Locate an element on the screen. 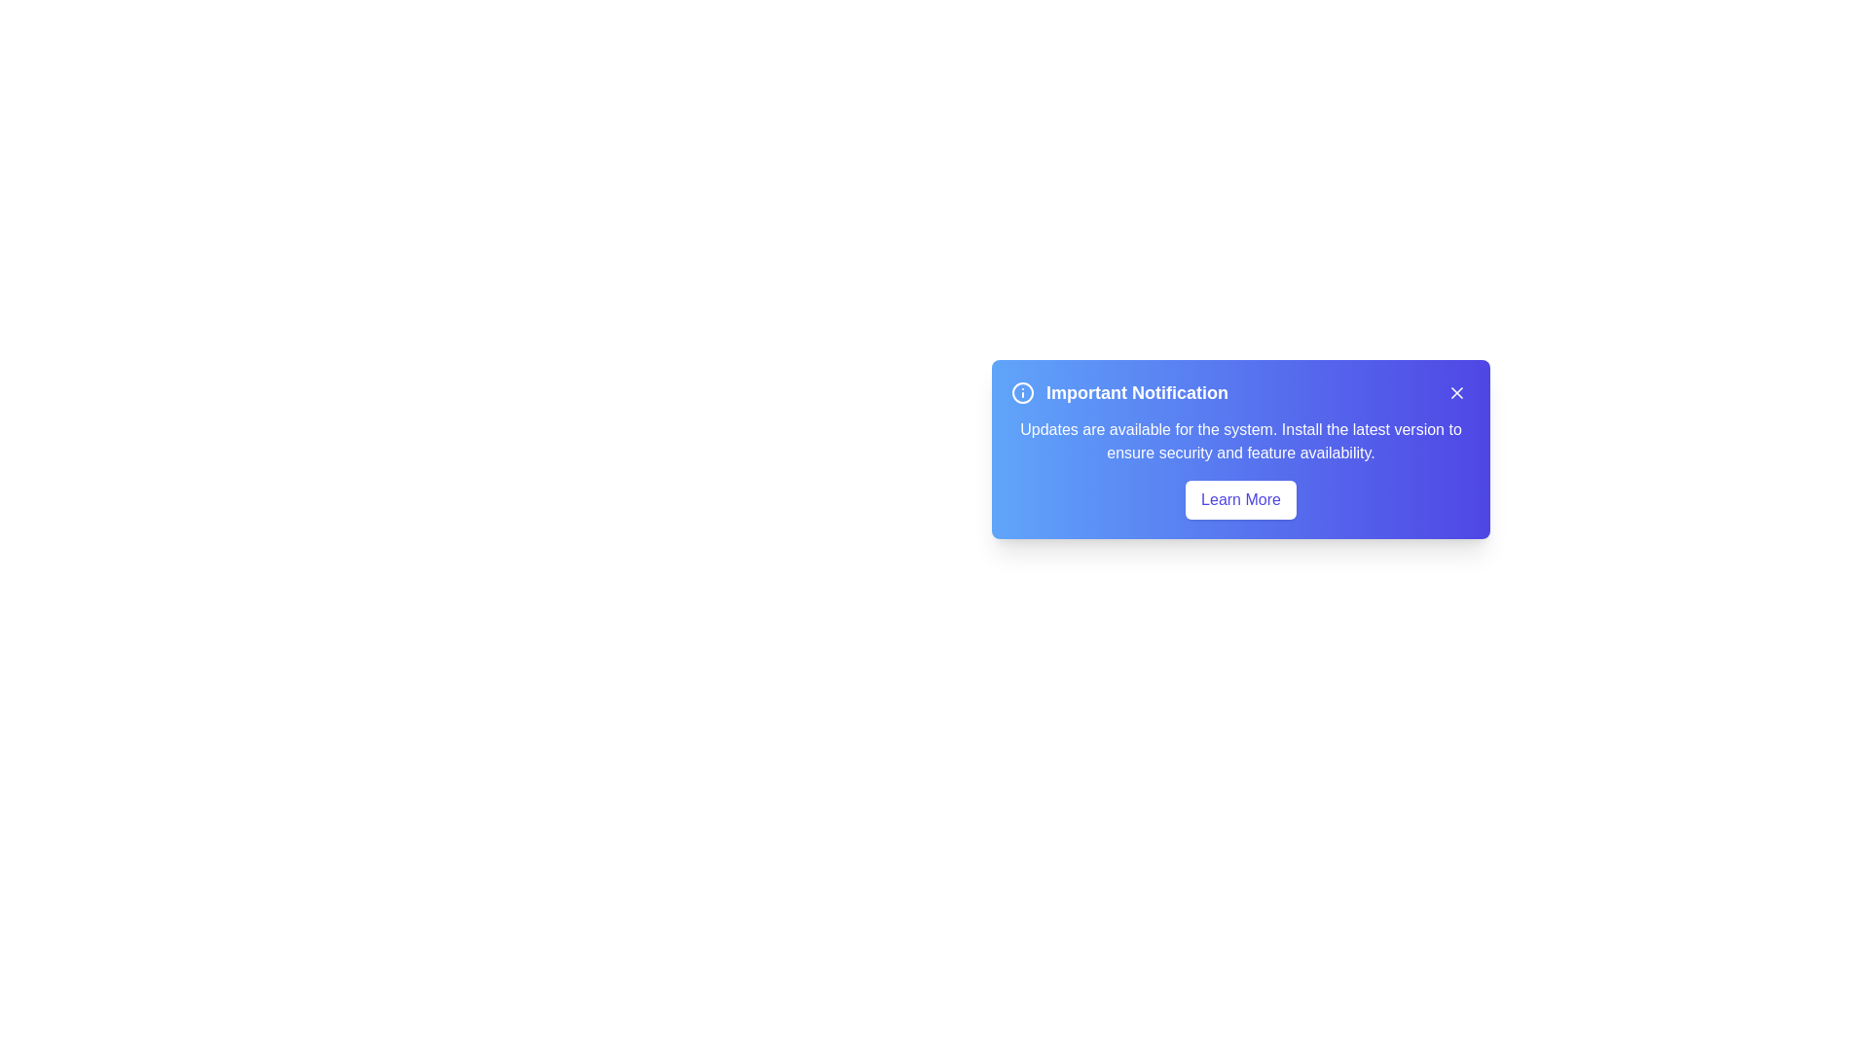 This screenshot has height=1051, width=1869. the specified interactive element: close_button is located at coordinates (1457, 393).